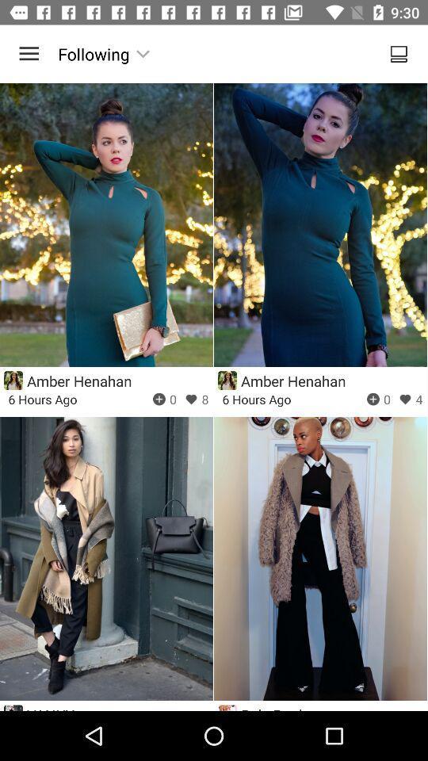  What do you see at coordinates (13, 380) in the screenshot?
I see `enlarge profile picture` at bounding box center [13, 380].